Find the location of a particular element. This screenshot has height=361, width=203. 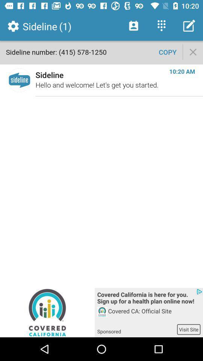

sponsored icon is located at coordinates (136, 329).